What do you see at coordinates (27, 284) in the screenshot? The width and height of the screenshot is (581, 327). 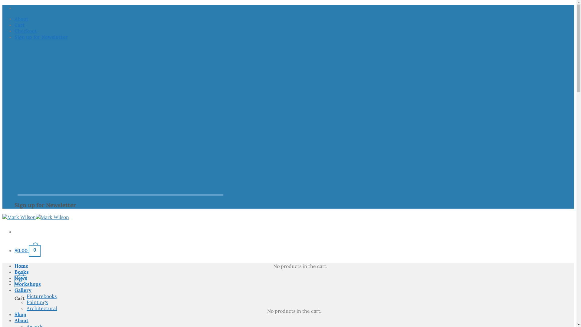 I see `'Workshops'` at bounding box center [27, 284].